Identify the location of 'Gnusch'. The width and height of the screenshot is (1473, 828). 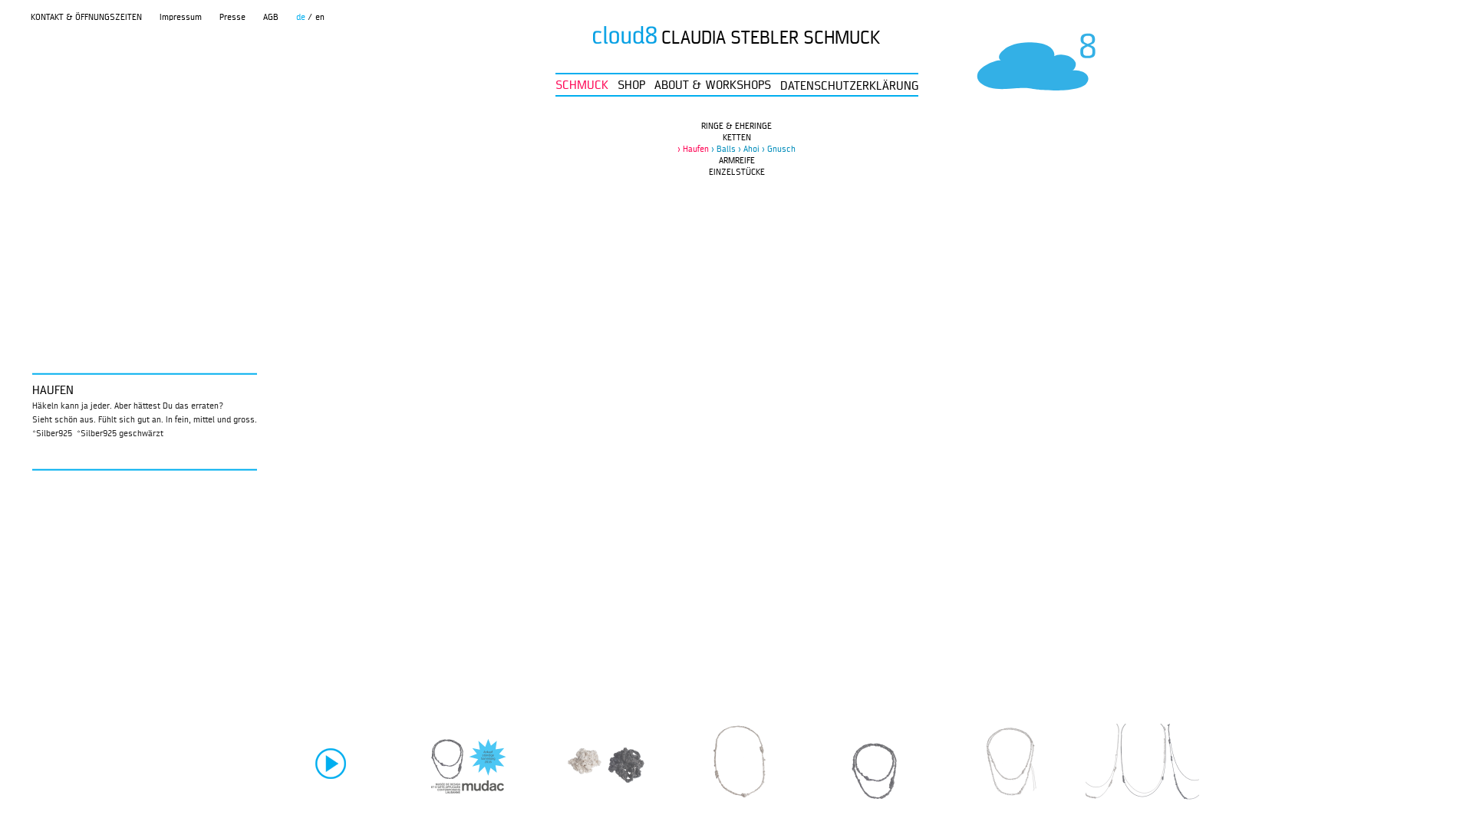
(778, 149).